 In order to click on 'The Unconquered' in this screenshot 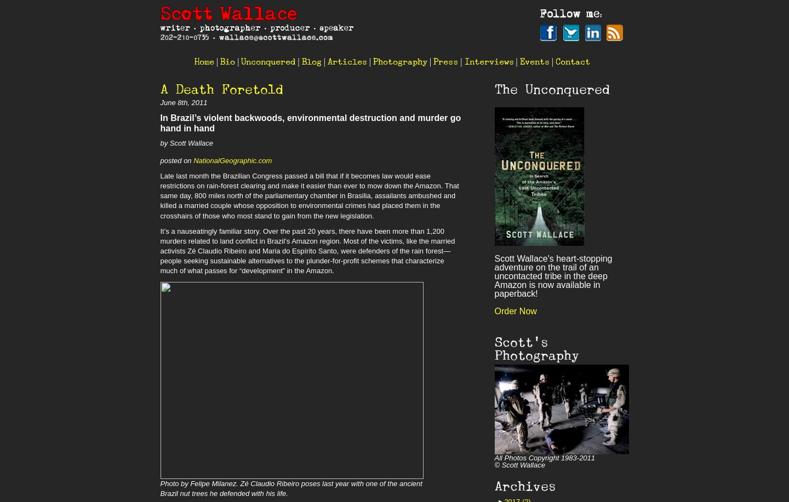, I will do `click(551, 89)`.